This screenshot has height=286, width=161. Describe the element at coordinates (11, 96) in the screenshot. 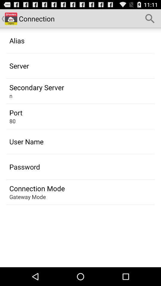

I see `icon below the secondary server item` at that location.